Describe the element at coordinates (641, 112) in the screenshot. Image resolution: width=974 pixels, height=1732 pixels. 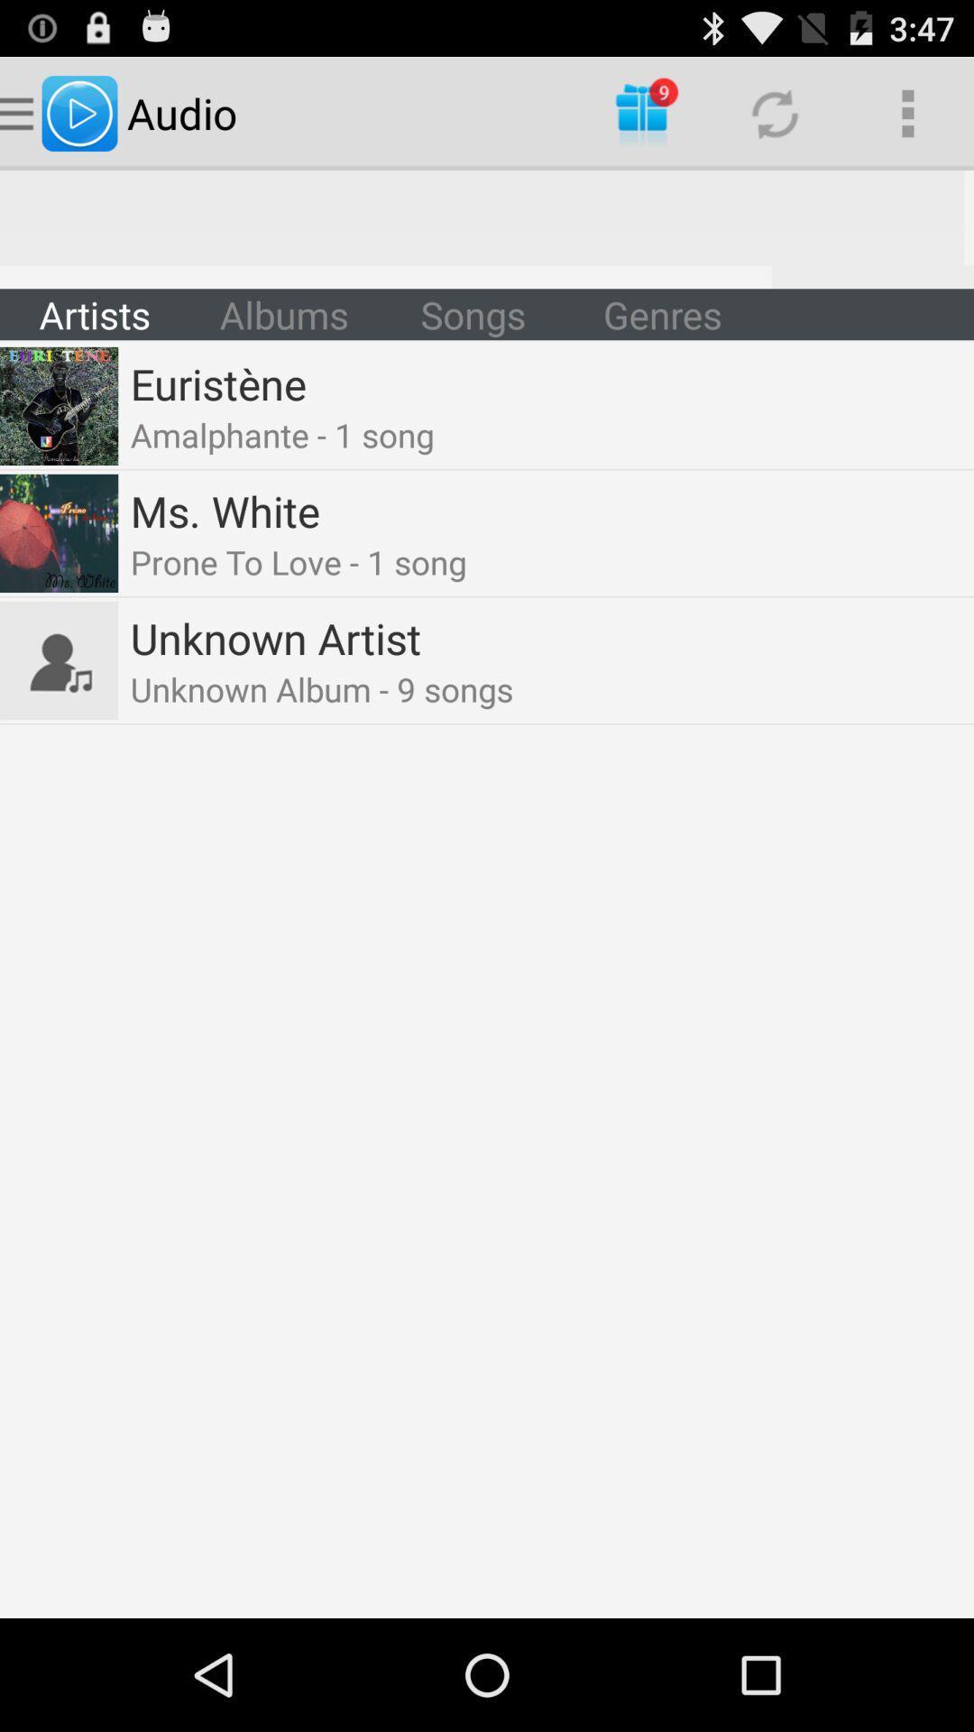
I see `icon to the right of the audio icon` at that location.